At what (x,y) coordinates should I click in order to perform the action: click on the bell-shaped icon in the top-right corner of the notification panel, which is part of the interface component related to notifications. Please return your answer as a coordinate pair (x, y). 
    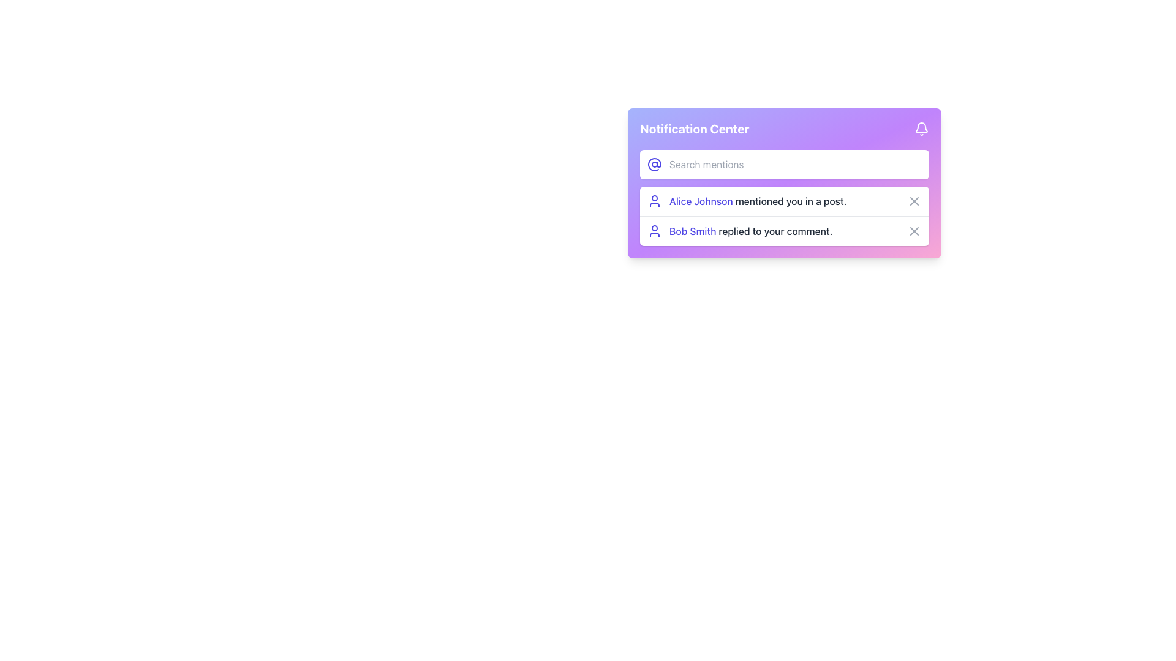
    Looking at the image, I should click on (922, 127).